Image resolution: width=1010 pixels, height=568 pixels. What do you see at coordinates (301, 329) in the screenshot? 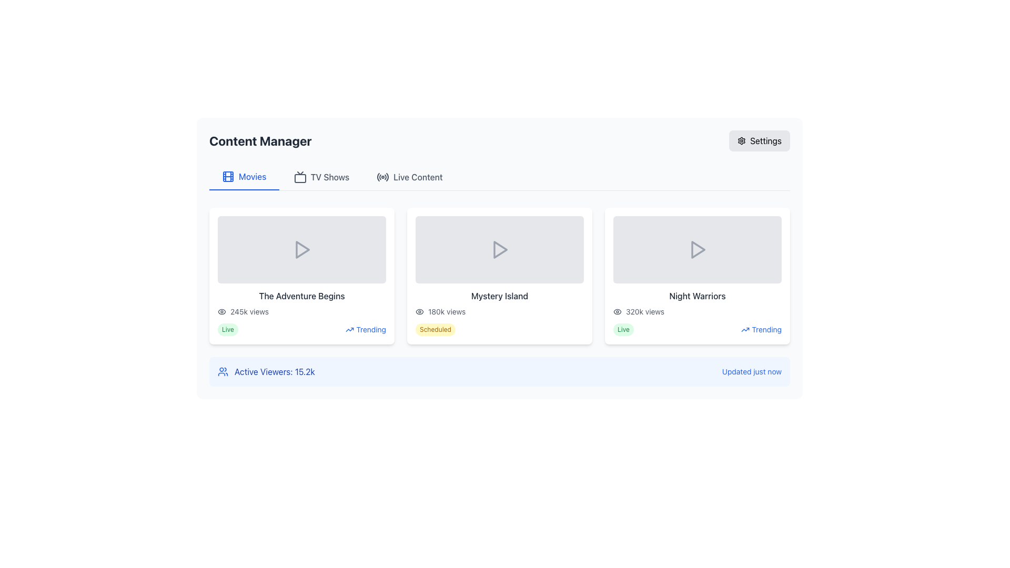
I see `the informational badge indicating the live and trending status associated with 'The Adventure Begins' content, located at the bottom-right section of the card` at bounding box center [301, 329].